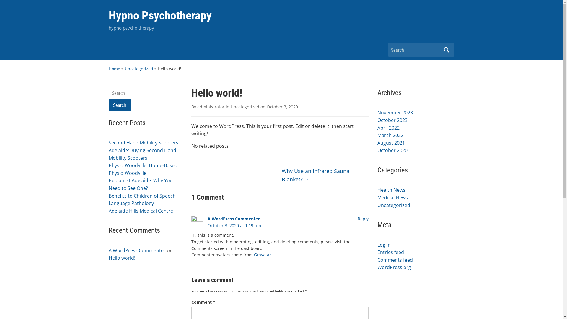  What do you see at coordinates (392, 120) in the screenshot?
I see `'October 2023'` at bounding box center [392, 120].